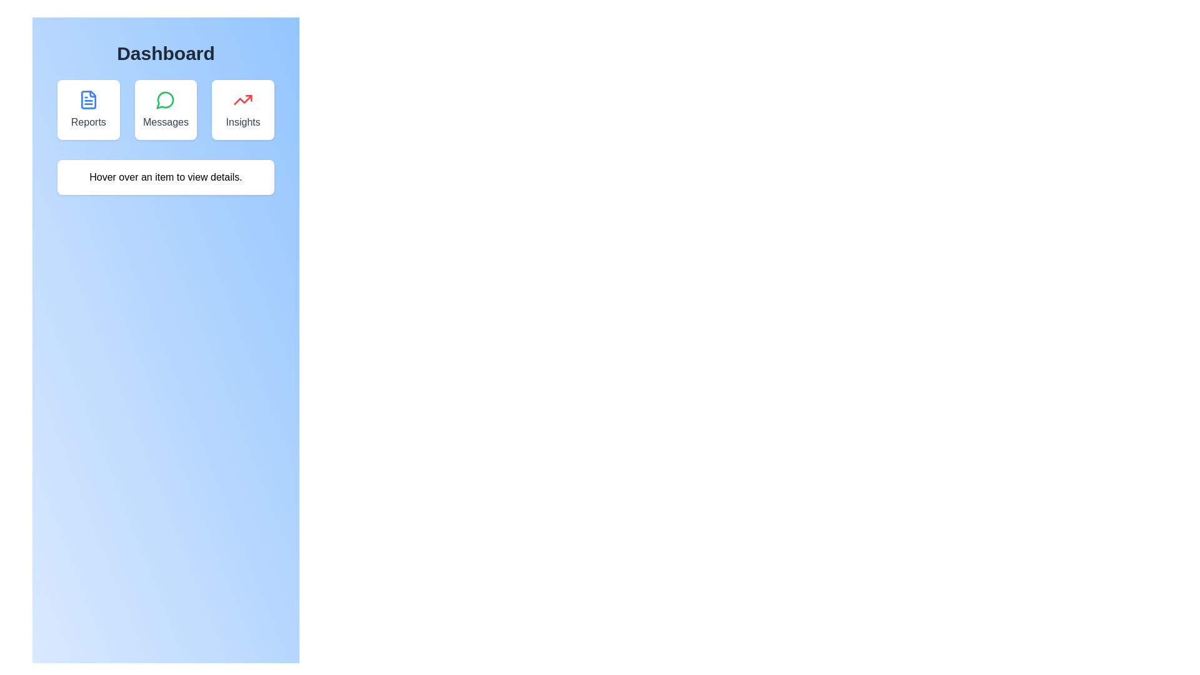 Image resolution: width=1200 pixels, height=675 pixels. What do you see at coordinates (243, 122) in the screenshot?
I see `the text label that describes the 'Insights' section, which is located beneath an upward-trending arrow icon in the third column of a three-column layout` at bounding box center [243, 122].